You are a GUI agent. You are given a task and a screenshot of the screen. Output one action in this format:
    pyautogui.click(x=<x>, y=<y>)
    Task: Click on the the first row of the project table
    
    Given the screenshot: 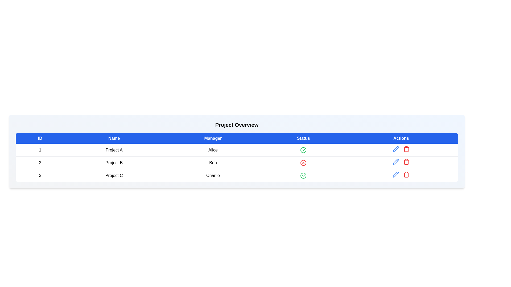 What is the action you would take?
    pyautogui.click(x=236, y=150)
    